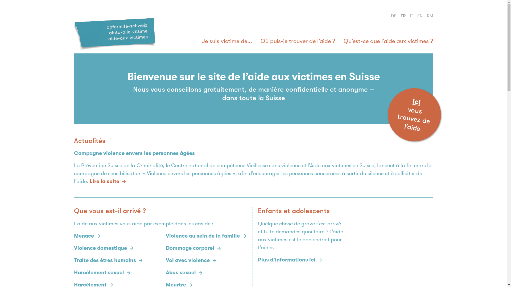 This screenshot has height=287, width=511. I want to click on 'Violence au sein de la famille', so click(203, 235).